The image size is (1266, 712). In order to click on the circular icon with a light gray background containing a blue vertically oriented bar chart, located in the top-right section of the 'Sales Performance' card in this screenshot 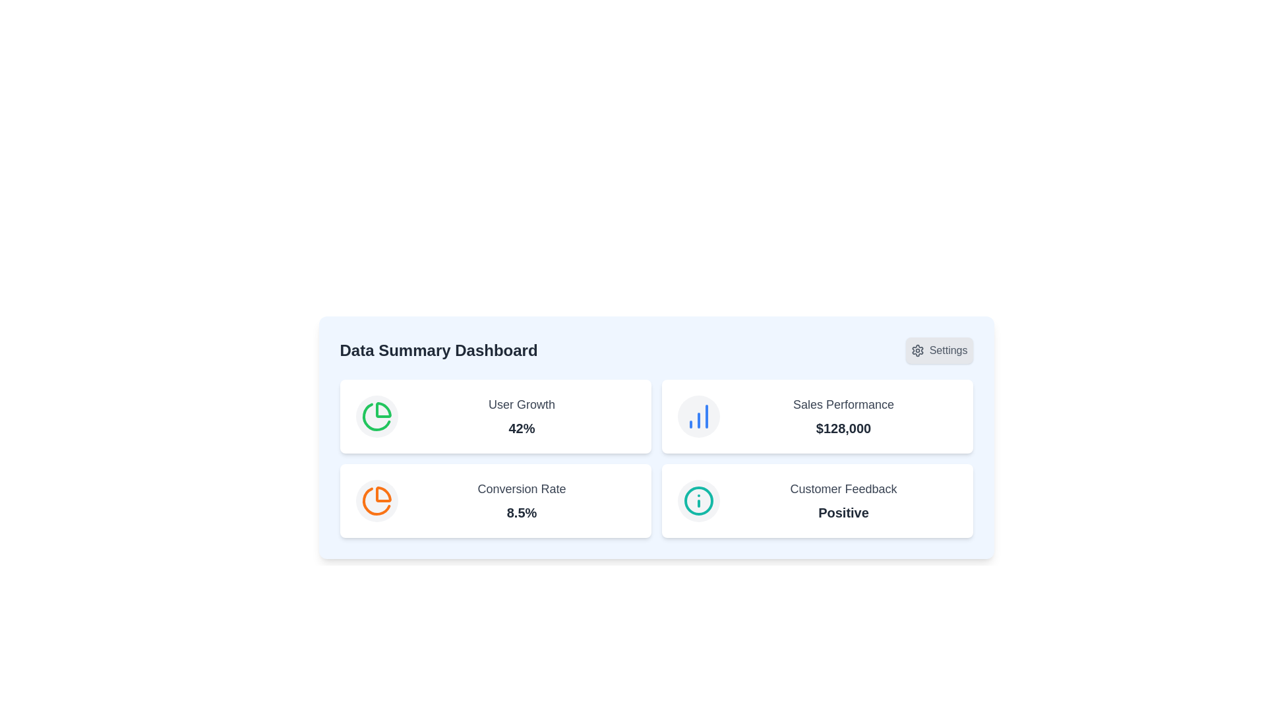, I will do `click(698, 417)`.